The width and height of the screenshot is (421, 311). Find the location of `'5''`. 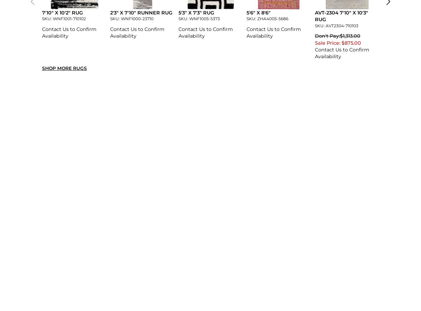

'5'' is located at coordinates (112, 229).